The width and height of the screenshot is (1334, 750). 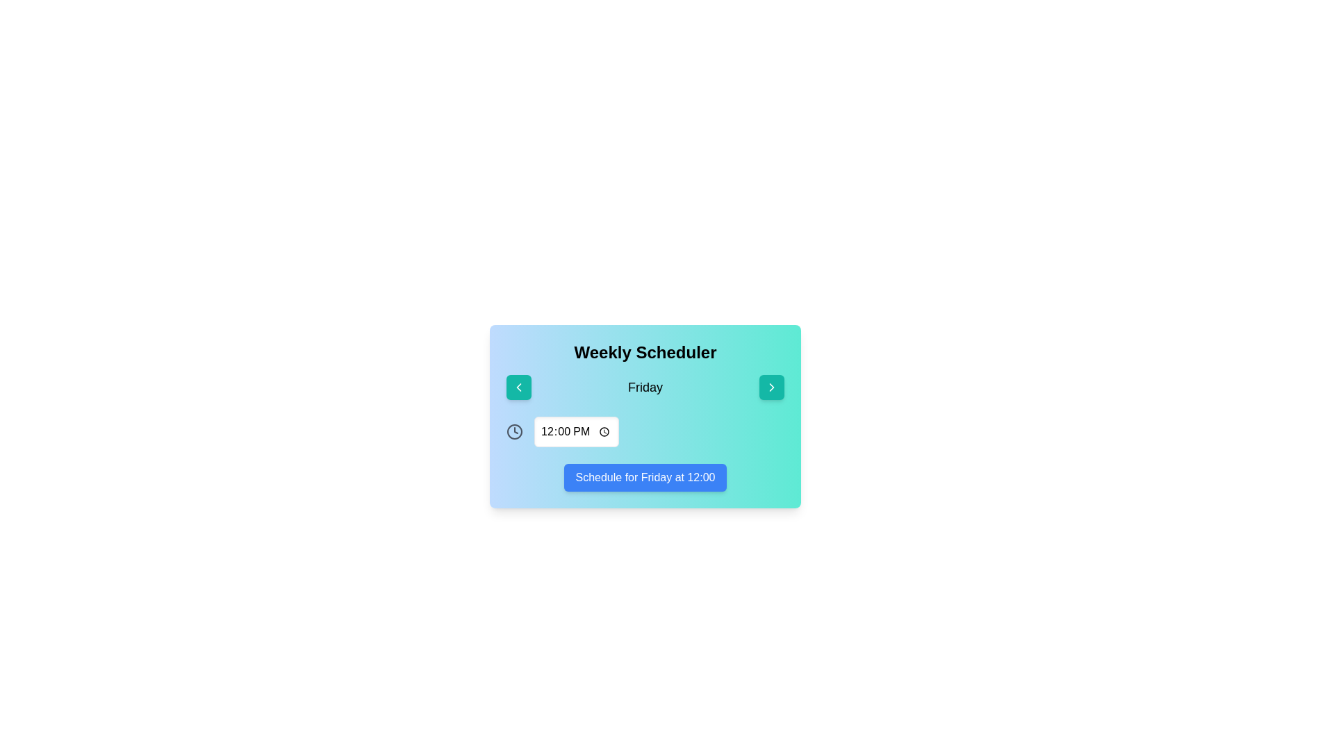 I want to click on the static label element displaying the text 'Friday' located in the top center of the 'Weekly Scheduler' panel, so click(x=645, y=387).